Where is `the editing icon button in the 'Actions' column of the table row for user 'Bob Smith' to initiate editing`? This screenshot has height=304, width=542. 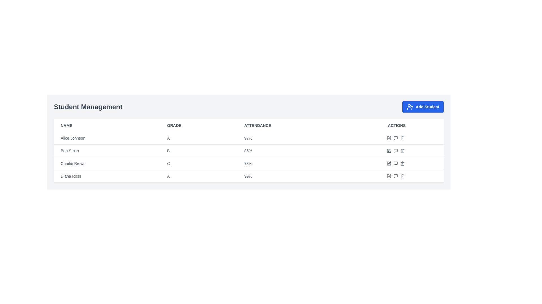 the editing icon button in the 'Actions' column of the table row for user 'Bob Smith' to initiate editing is located at coordinates (389, 150).